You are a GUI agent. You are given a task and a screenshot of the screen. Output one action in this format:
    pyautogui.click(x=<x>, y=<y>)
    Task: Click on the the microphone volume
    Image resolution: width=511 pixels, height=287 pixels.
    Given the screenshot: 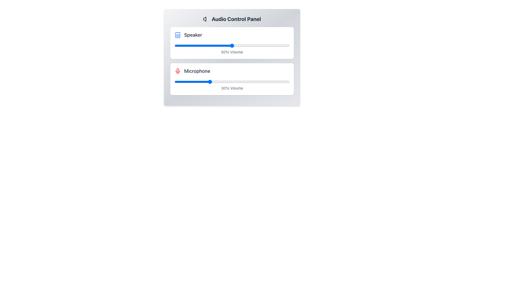 What is the action you would take?
    pyautogui.click(x=250, y=82)
    